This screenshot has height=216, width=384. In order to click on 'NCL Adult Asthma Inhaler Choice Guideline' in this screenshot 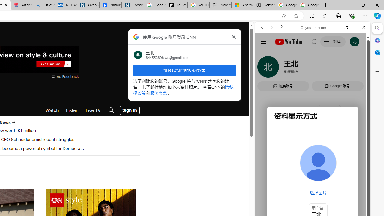, I will do `click(66, 5)`.